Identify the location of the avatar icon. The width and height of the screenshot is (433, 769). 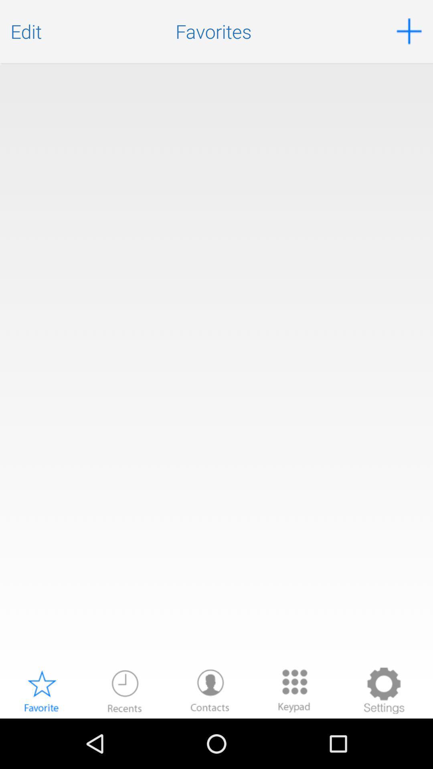
(210, 739).